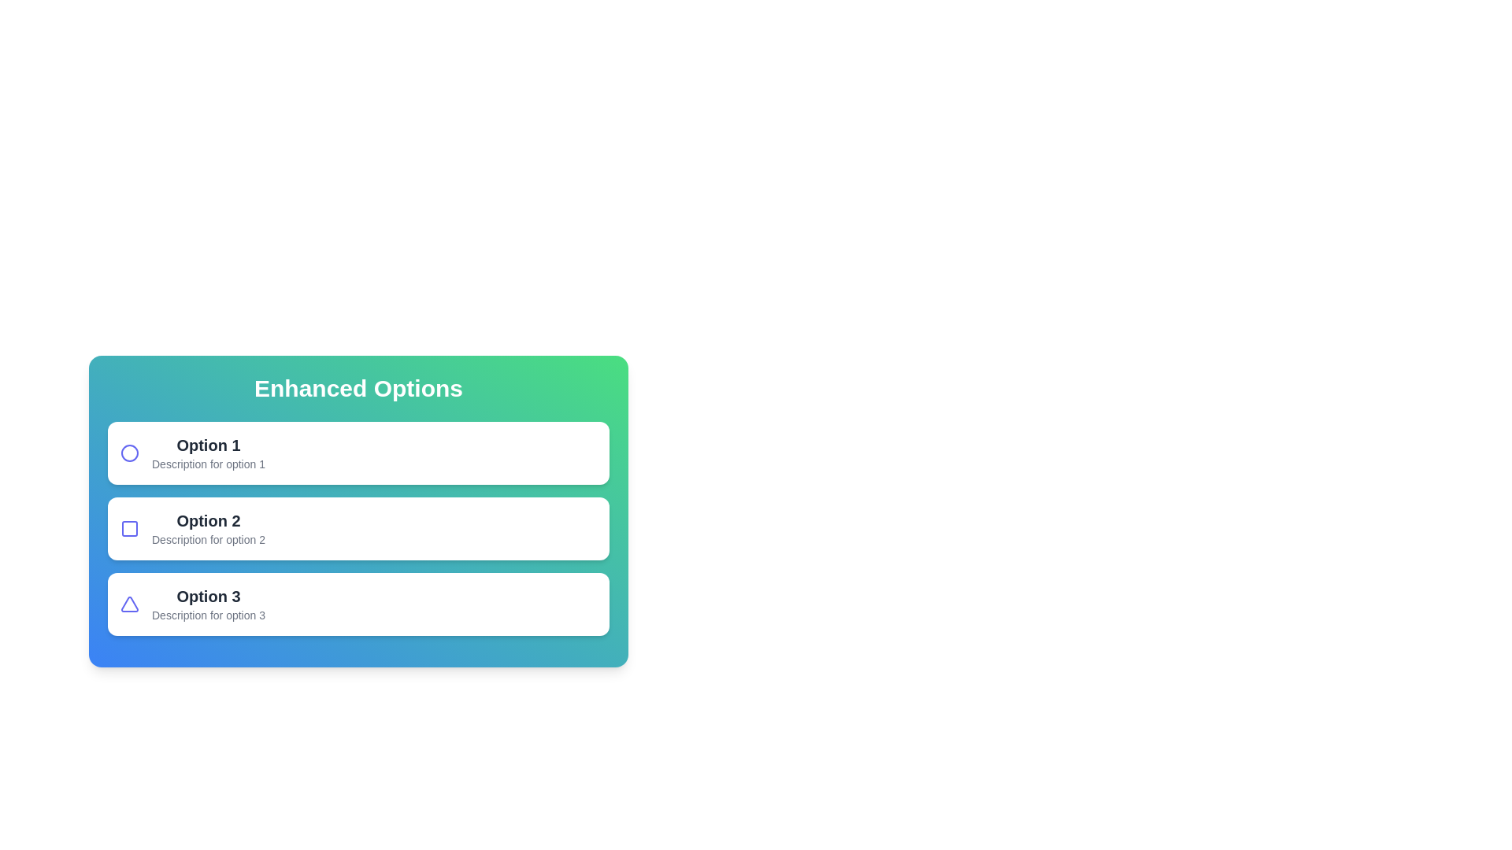 This screenshot has width=1512, height=850. I want to click on the text label displaying 'Option 2', which is styled in a larger, bold font and dark gray color, located as the second option in a vertically aligned list, so click(207, 521).